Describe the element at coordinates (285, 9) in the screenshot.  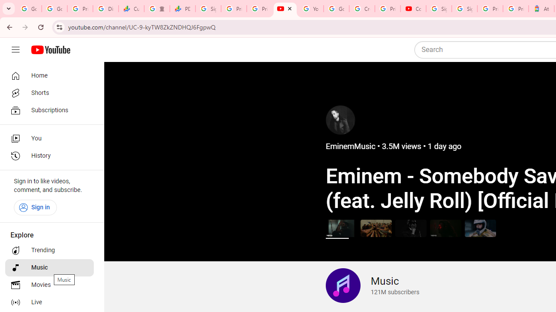
I see `'The Music Channel - YouTube'` at that location.